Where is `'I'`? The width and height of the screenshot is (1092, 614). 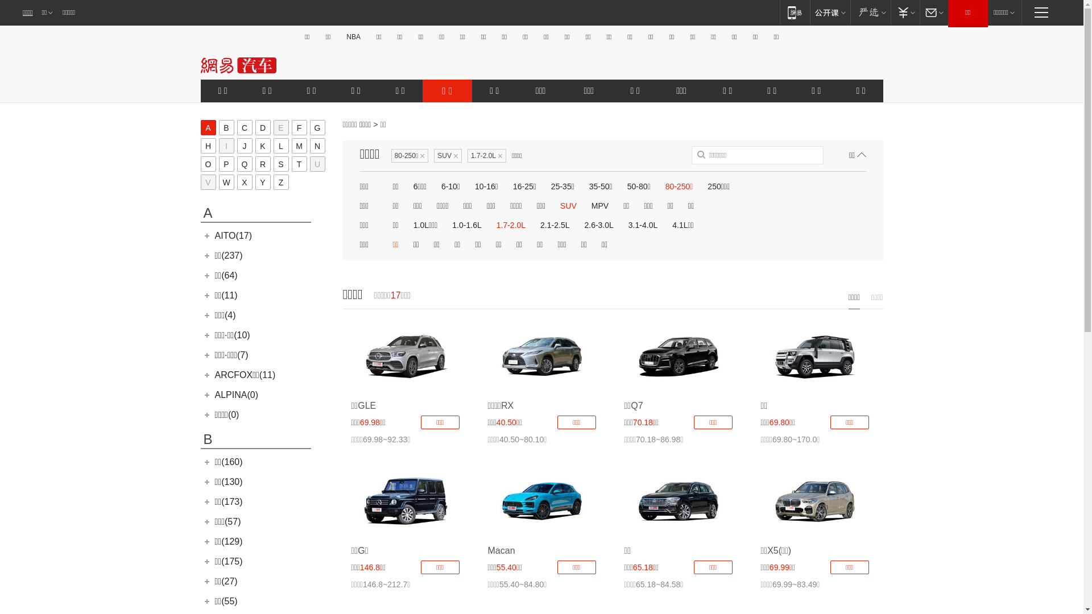
'I' is located at coordinates (226, 145).